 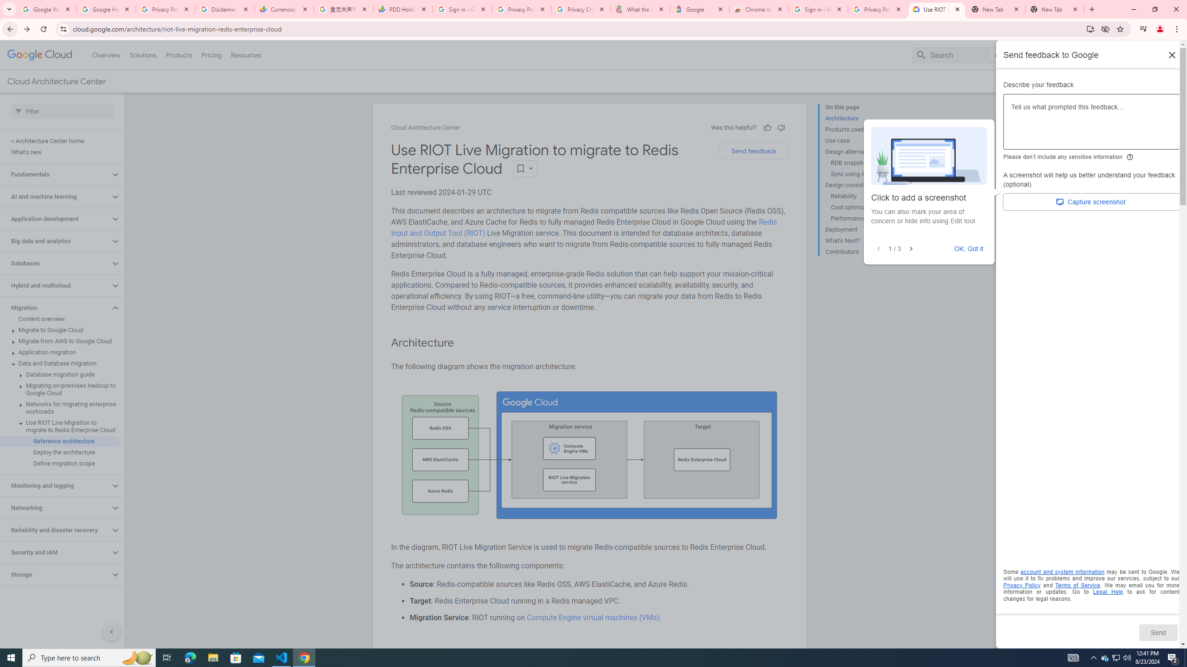 I want to click on 'Cloud Architecture Center', so click(x=425, y=127).